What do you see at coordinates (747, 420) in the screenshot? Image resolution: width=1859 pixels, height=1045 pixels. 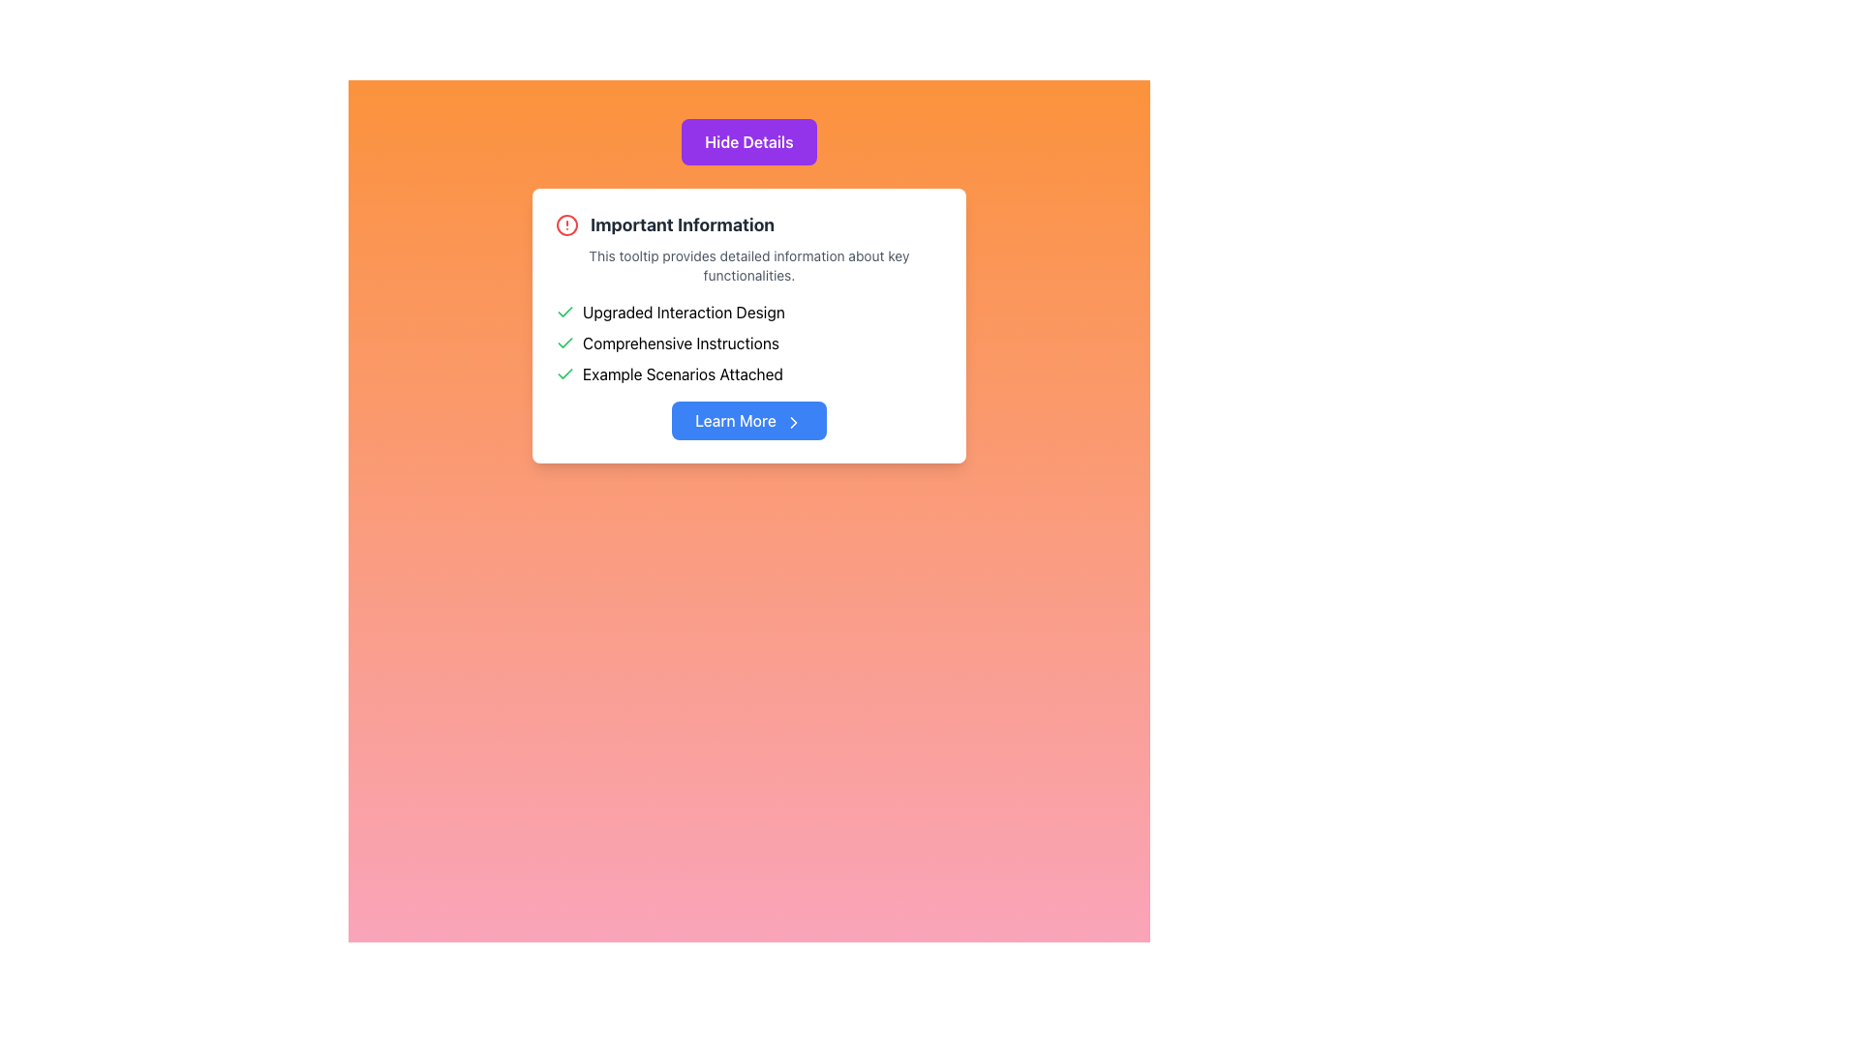 I see `the rectangular button with a blue background and the text 'Learn More'` at bounding box center [747, 420].